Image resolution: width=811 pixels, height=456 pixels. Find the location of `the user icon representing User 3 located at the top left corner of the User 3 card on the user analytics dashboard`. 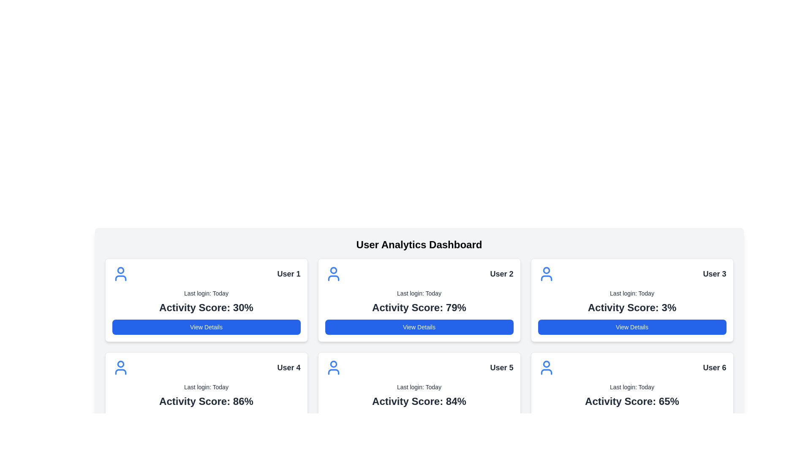

the user icon representing User 3 located at the top left corner of the User 3 card on the user analytics dashboard is located at coordinates (546, 274).